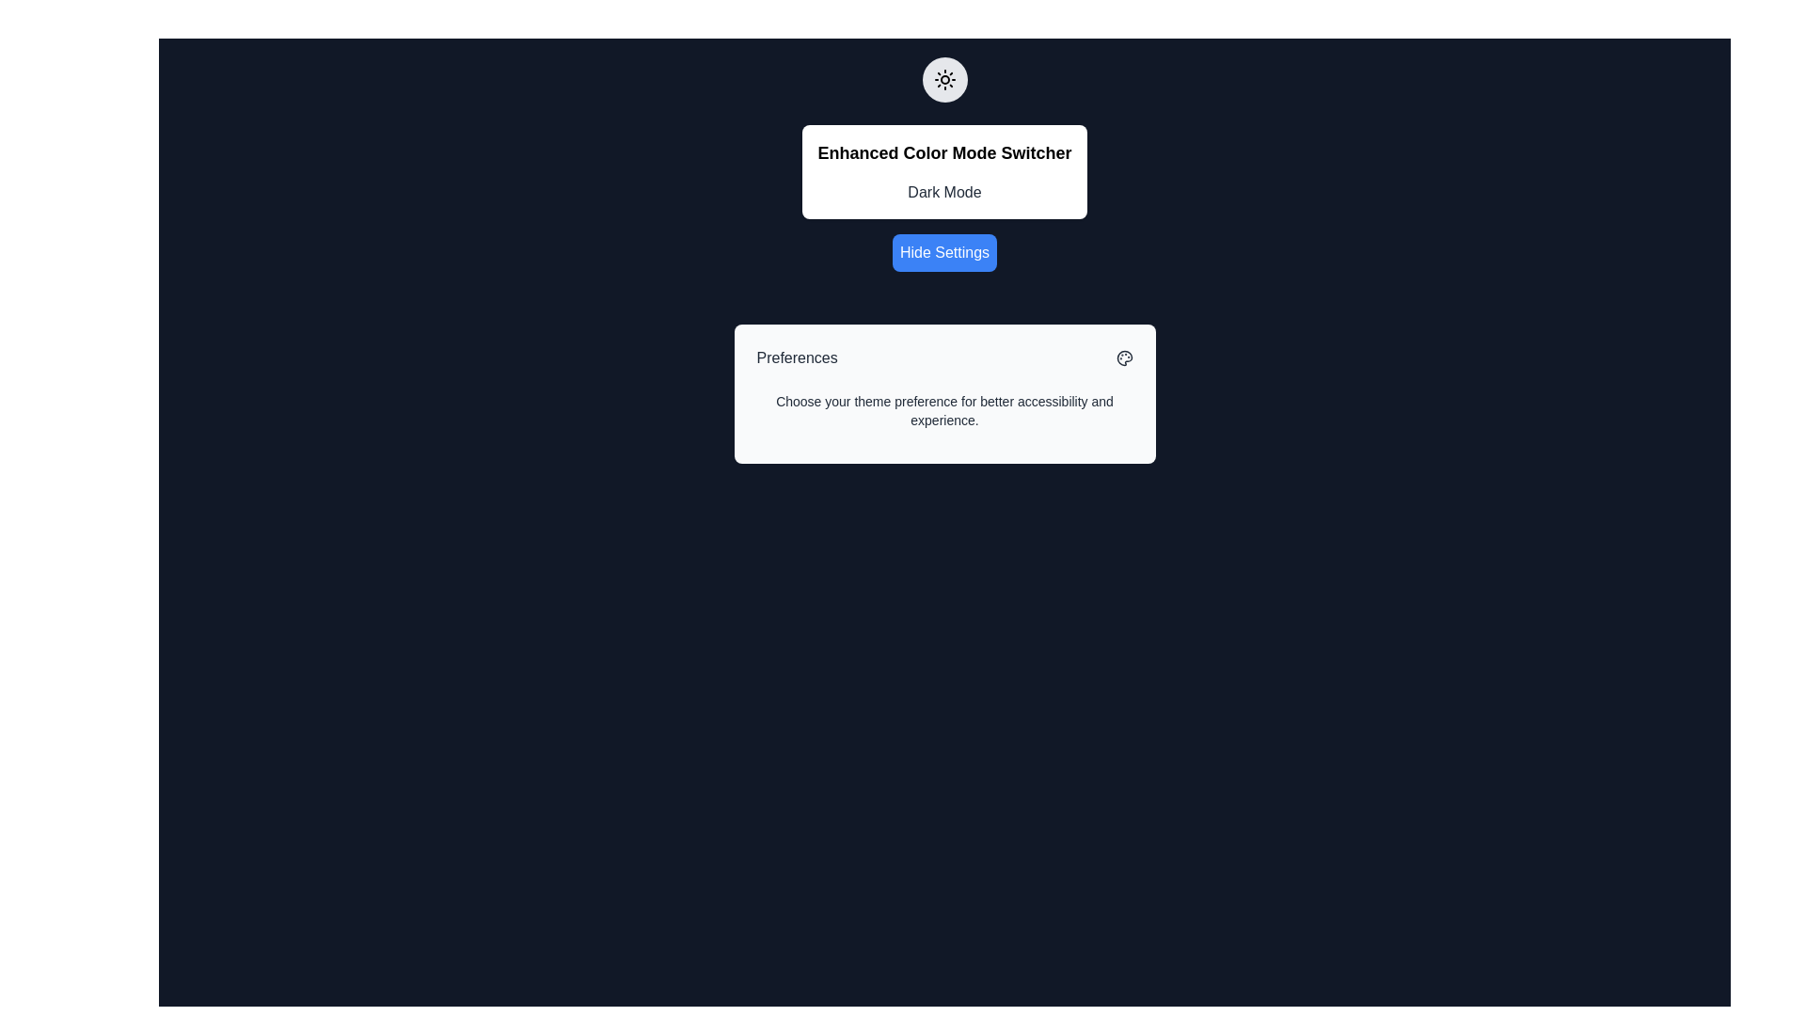  What do you see at coordinates (944, 78) in the screenshot?
I see `the circular sun icon representing brightness adjustment, which is positioned above the 'Enhanced Color Mode Switcher' title` at bounding box center [944, 78].